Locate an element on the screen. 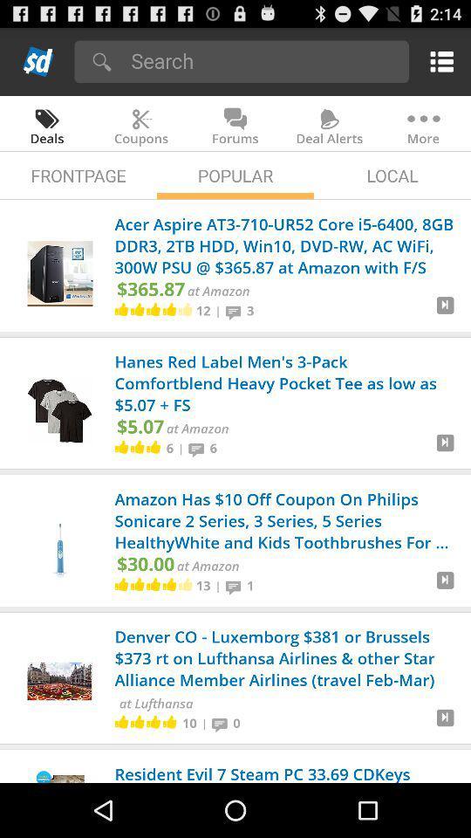  the app to the right of the popular icon is located at coordinates (392, 175).